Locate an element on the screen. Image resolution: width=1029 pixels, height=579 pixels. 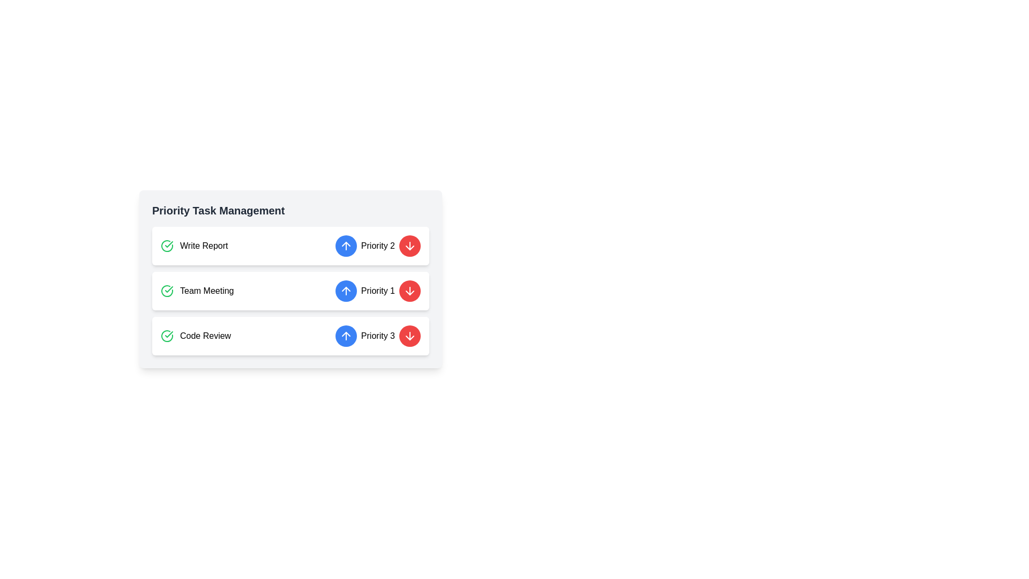
the button that decreases the priority level of the associated task, located to the right of the 'Priority 2' label in the first row of the priority task management list is located at coordinates (409, 246).